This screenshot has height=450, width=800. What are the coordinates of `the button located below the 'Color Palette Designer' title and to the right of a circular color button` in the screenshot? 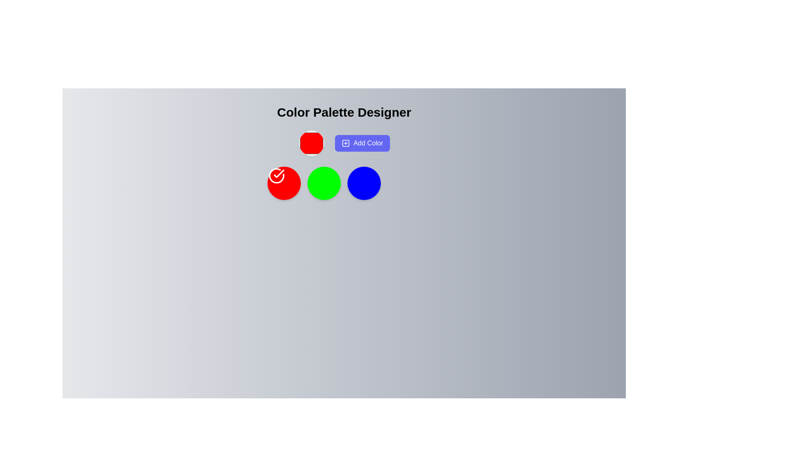 It's located at (362, 142).